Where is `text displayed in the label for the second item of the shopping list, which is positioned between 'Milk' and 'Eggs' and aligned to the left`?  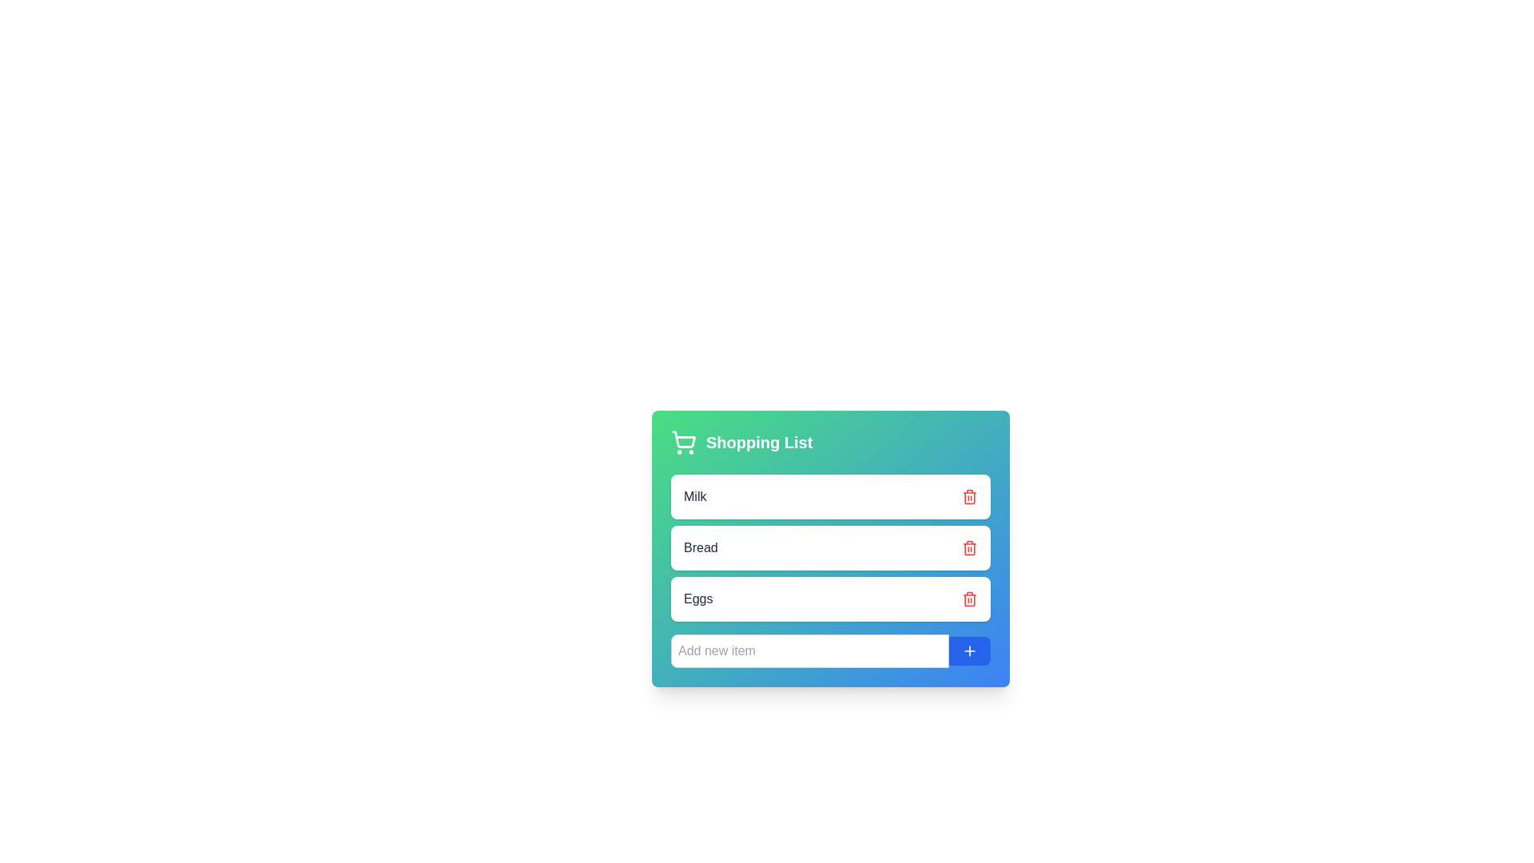 text displayed in the label for the second item of the shopping list, which is positioned between 'Milk' and 'Eggs' and aligned to the left is located at coordinates (701, 547).